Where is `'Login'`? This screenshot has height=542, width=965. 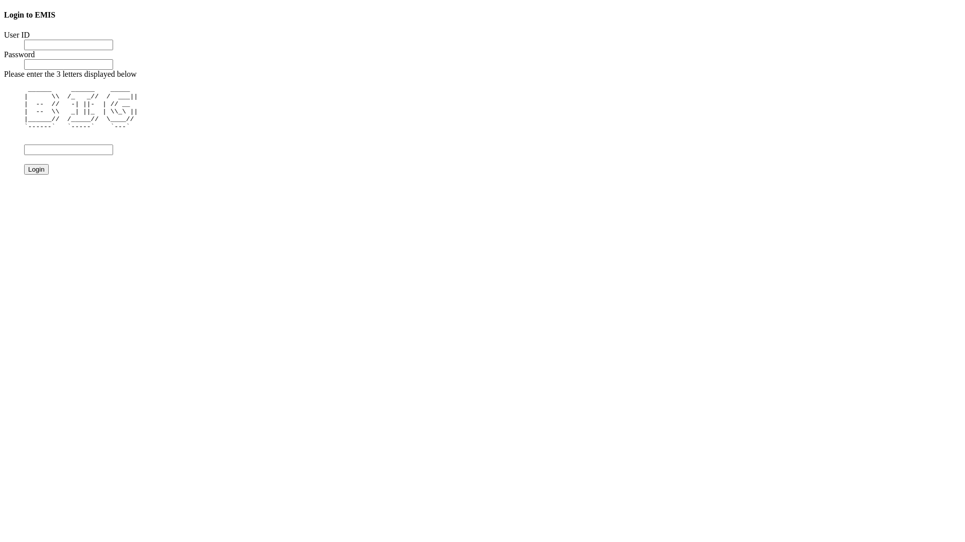
'Login' is located at coordinates (36, 169).